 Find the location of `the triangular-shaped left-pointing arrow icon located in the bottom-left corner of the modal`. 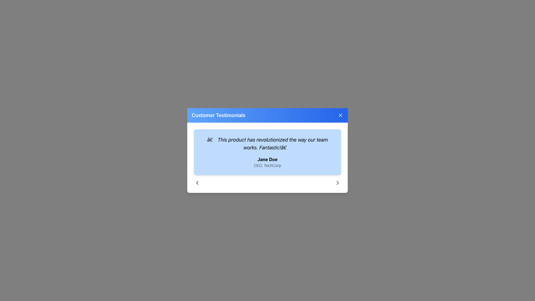

the triangular-shaped left-pointing arrow icon located in the bottom-left corner of the modal is located at coordinates (197, 183).